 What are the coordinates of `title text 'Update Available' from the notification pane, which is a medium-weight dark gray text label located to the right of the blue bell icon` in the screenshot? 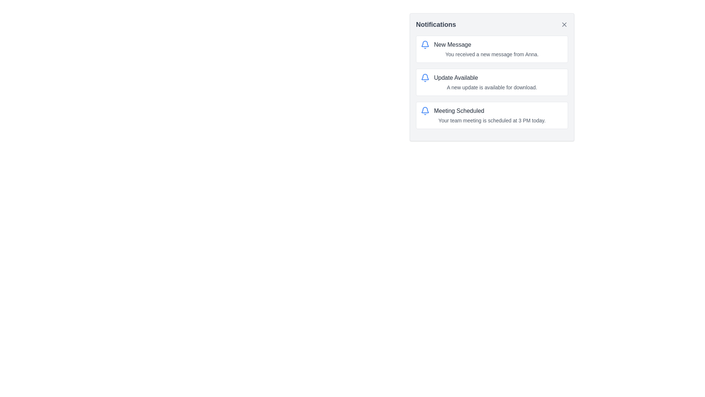 It's located at (455, 78).